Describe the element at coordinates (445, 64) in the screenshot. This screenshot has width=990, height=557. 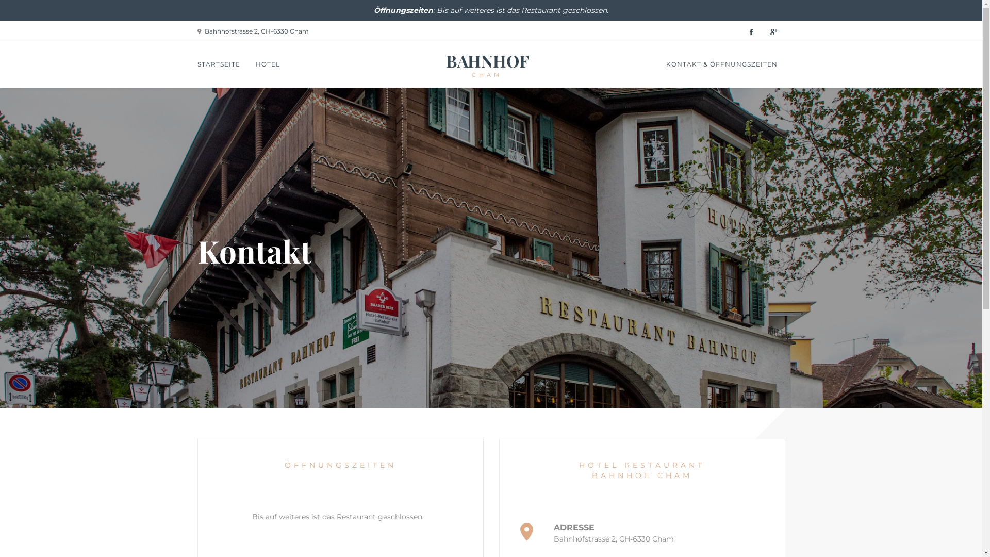
I see `'BAHNHOF` at that location.